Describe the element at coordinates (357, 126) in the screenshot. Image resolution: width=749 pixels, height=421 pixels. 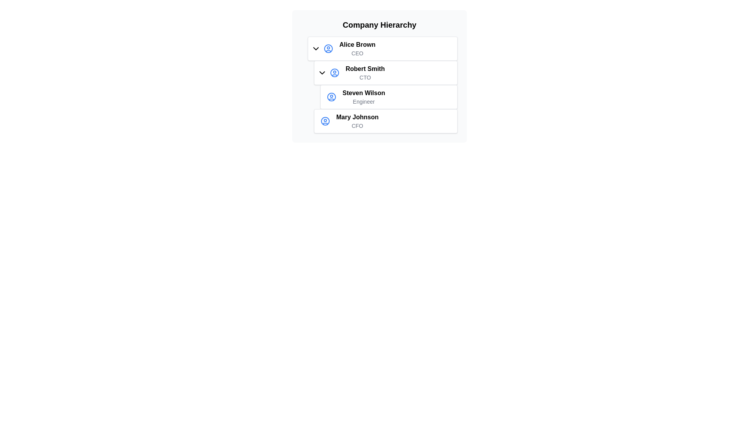
I see `the text display component showing 'CFO' in a small, gray font, located beneath 'Mary Johnson'` at that location.